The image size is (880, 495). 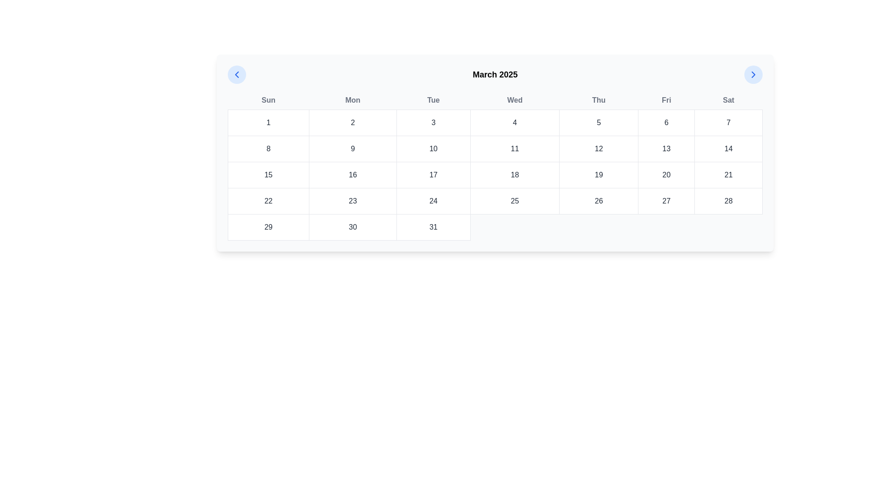 What do you see at coordinates (666, 100) in the screenshot?
I see `the text label displaying 'Fri', which is styled in gray and is the sixth label in a row of weekday labels` at bounding box center [666, 100].